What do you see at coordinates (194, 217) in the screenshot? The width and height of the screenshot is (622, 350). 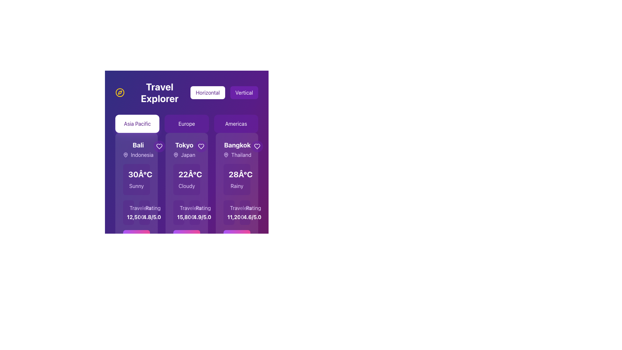 I see `the Text Label displaying the average rating for the city 'Tokyo' located in the bottom right corner of the card labeled 'Tokyo' under 'Europe'` at bounding box center [194, 217].